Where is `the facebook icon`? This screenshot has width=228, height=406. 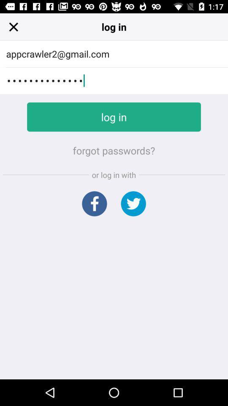
the facebook icon is located at coordinates (94, 203).